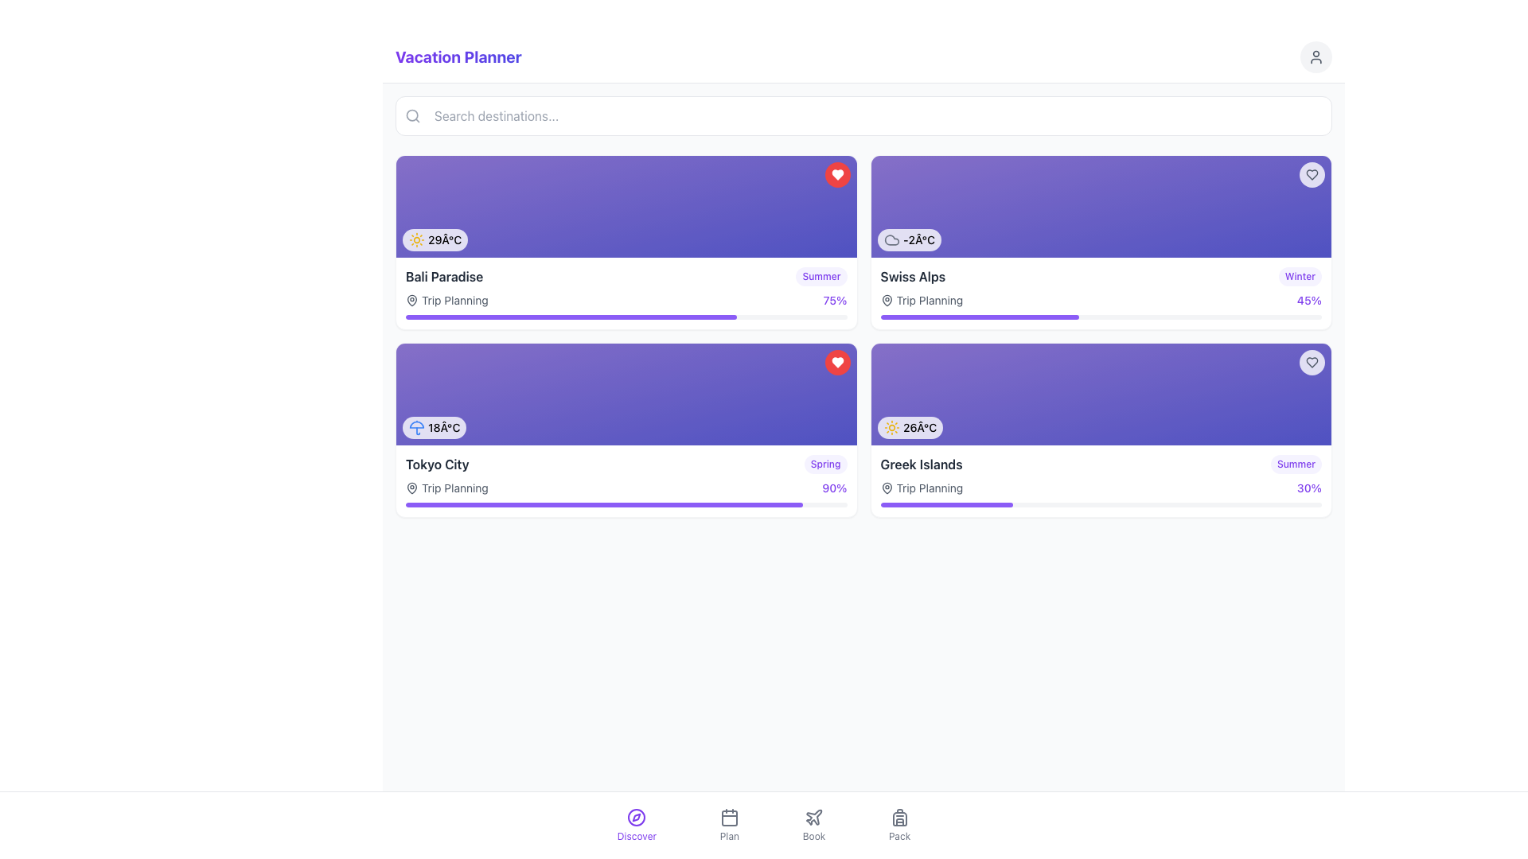 This screenshot has width=1528, height=859. I want to click on the favorite icon button located in the top-right corner of the 'Swiss Alps' card, so click(1312, 174).